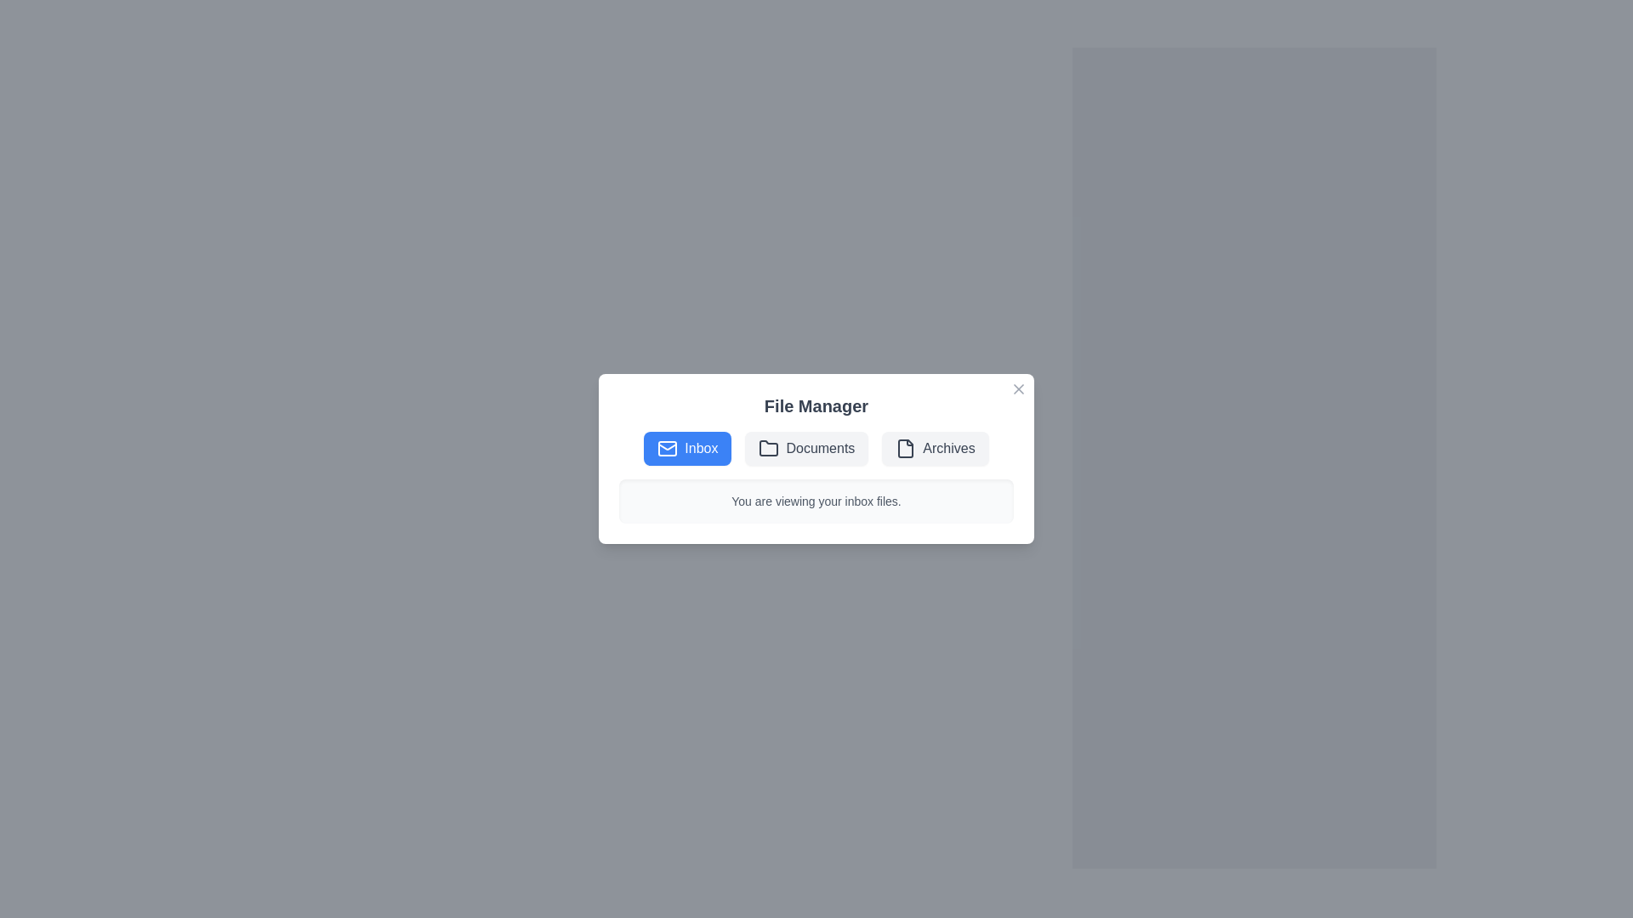 The width and height of the screenshot is (1633, 918). I want to click on text label that displays 'You are viewing your inbox files.' positioned at the bottom section of the 'File Manager' dialog box, so click(816, 501).